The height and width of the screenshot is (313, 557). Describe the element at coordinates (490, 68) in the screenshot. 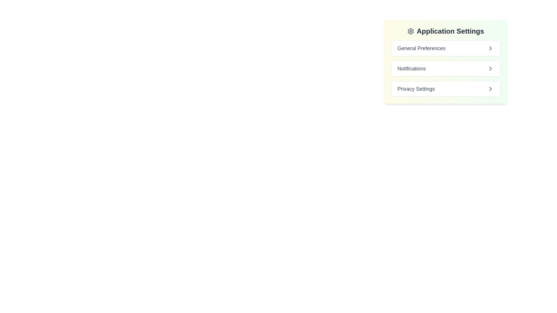

I see `the rightward-pointing chevron icon within the 'Notifications' button` at that location.